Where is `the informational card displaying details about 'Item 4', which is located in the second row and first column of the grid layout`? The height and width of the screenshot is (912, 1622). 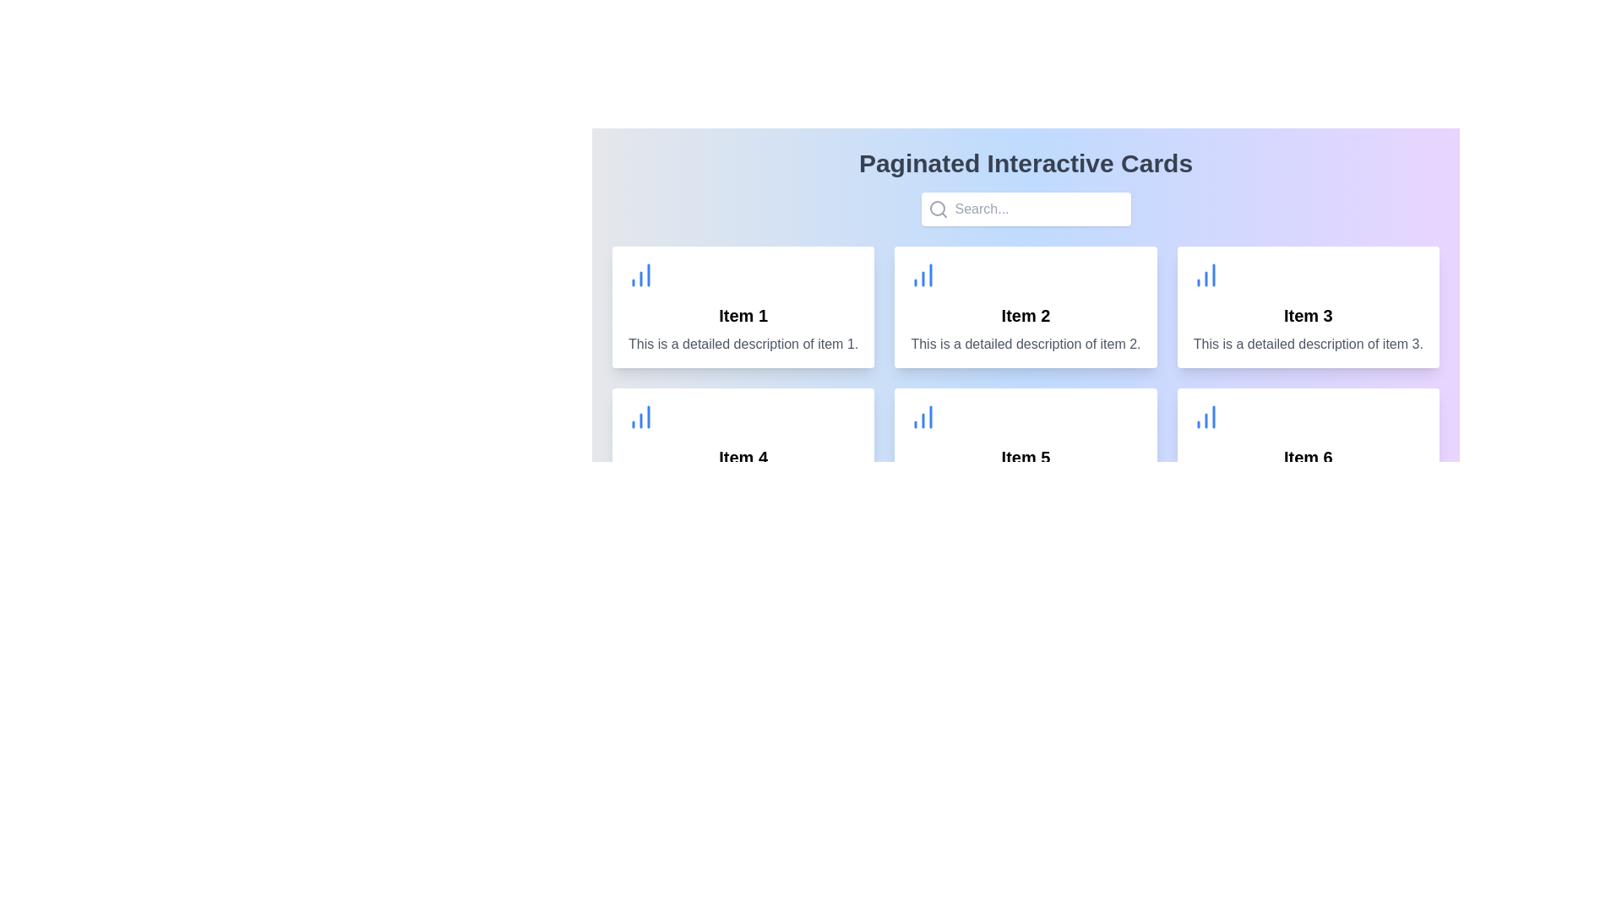 the informational card displaying details about 'Item 4', which is located in the second row and first column of the grid layout is located at coordinates (743, 448).